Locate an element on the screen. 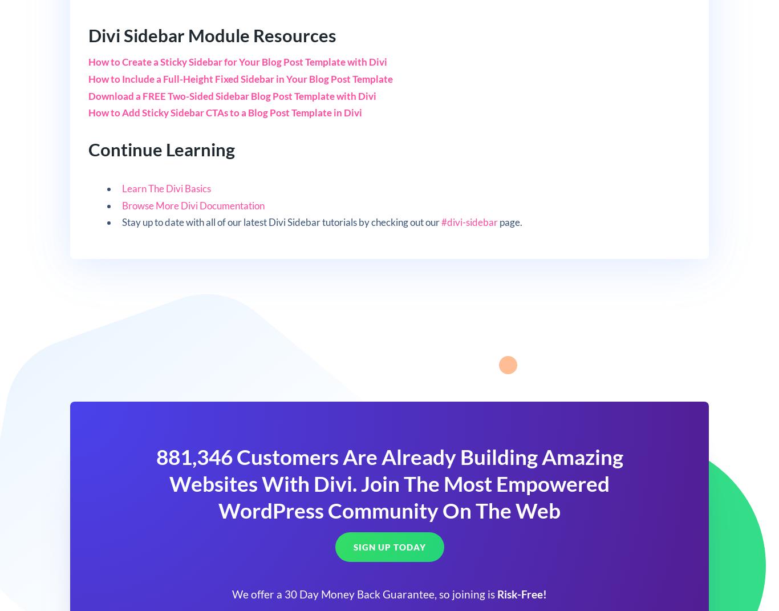 The height and width of the screenshot is (611, 779). 'Continue Learning' is located at coordinates (161, 149).